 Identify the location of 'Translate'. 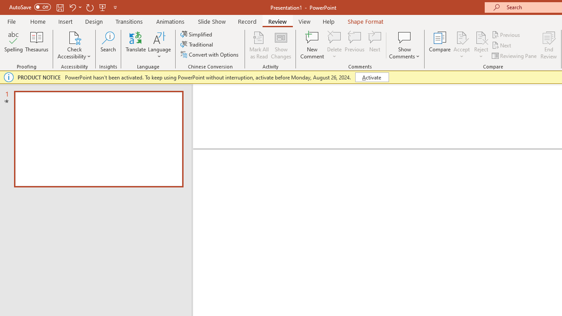
(135, 45).